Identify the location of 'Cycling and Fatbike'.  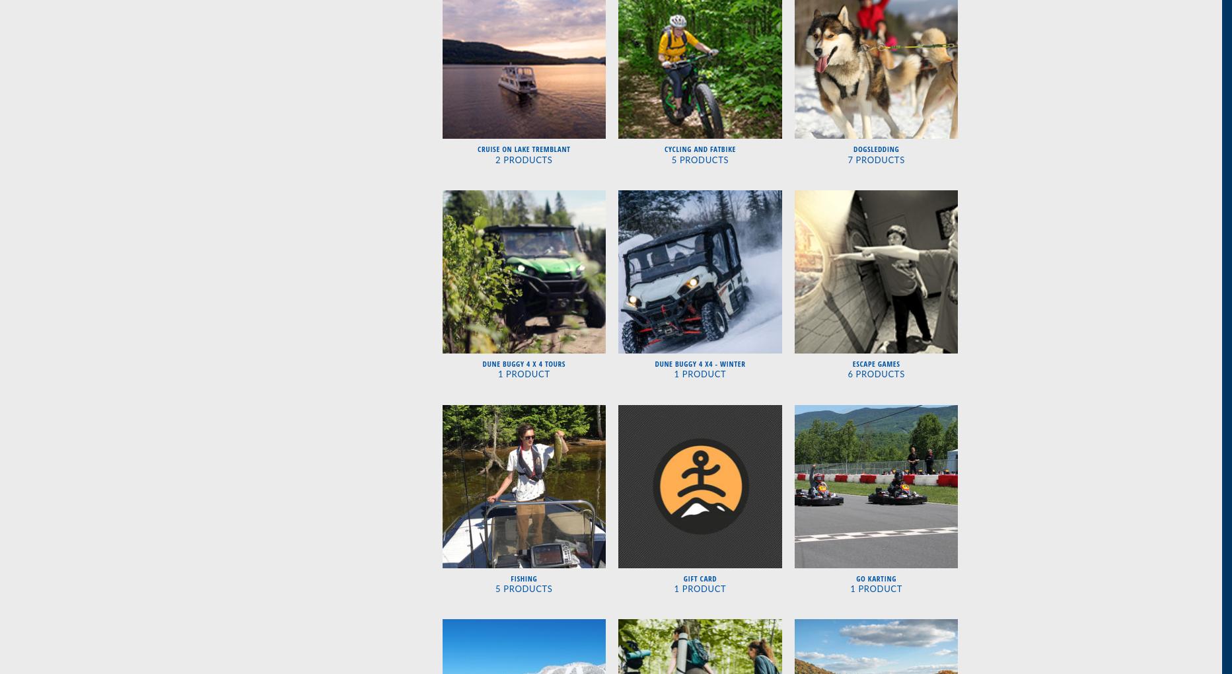
(699, 149).